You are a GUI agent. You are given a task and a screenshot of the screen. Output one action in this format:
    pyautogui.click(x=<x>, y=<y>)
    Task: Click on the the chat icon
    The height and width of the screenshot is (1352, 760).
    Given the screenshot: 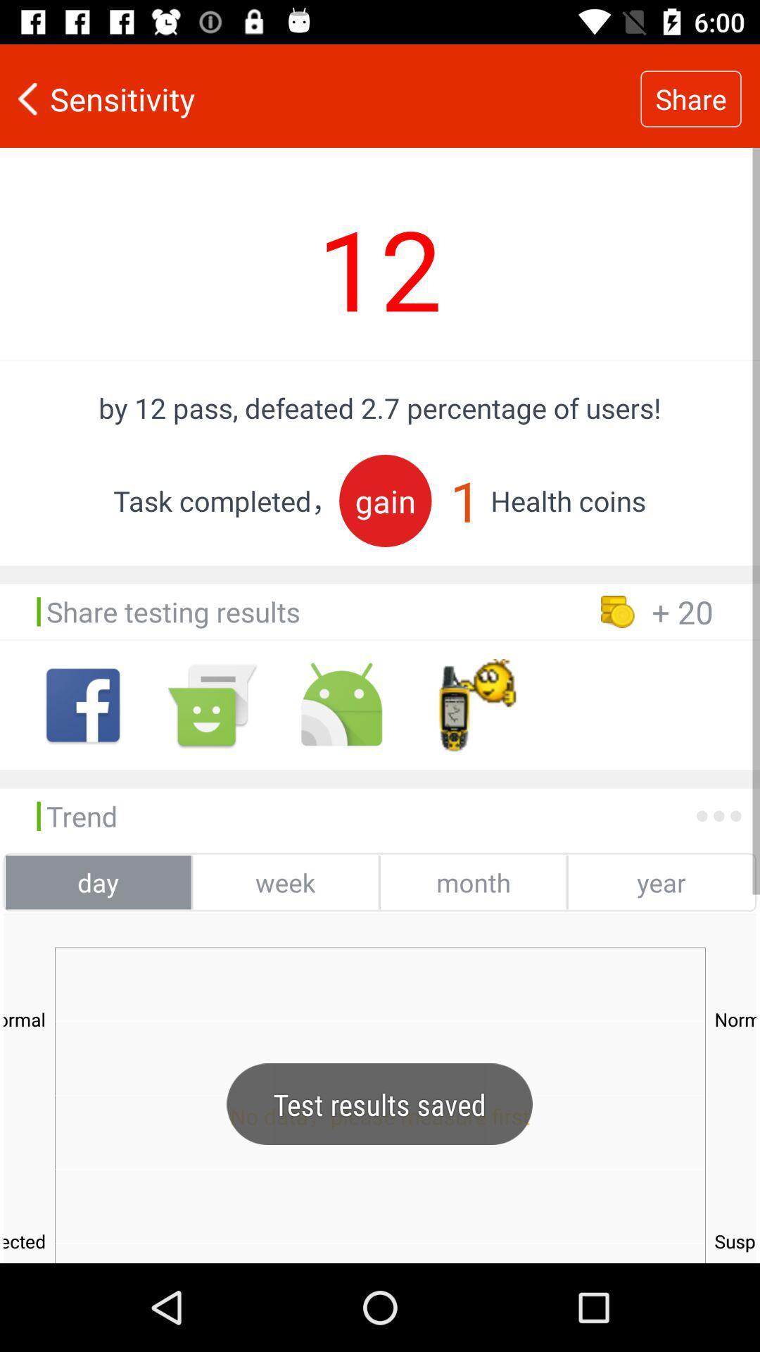 What is the action you would take?
    pyautogui.click(x=212, y=705)
    